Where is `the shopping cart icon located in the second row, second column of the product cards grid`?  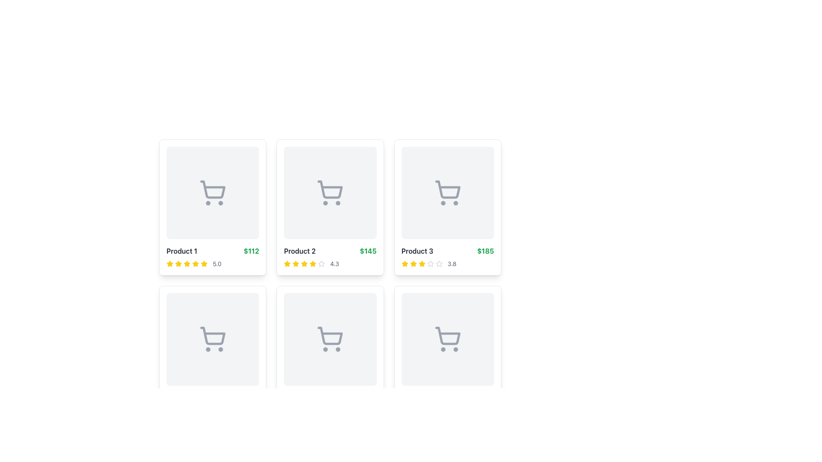
the shopping cart icon located in the second row, second column of the product cards grid is located at coordinates (330, 335).